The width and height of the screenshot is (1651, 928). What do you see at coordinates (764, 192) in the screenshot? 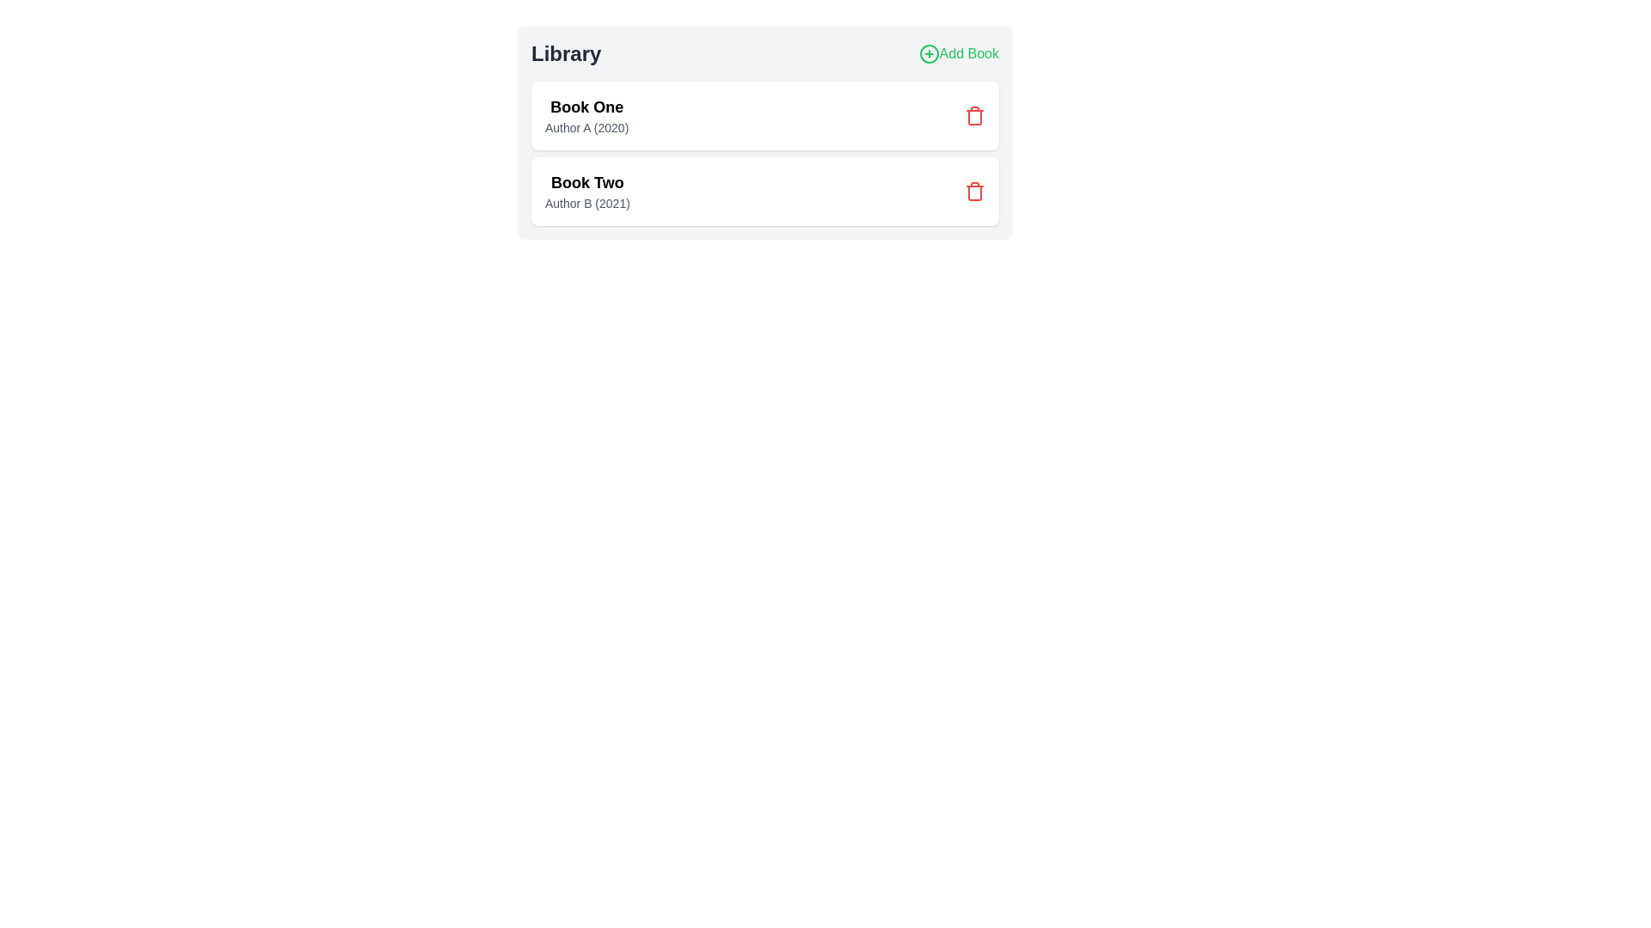
I see `author information for the list item displaying 'Book Two' with the subtitle 'Author B (2021)'` at bounding box center [764, 192].